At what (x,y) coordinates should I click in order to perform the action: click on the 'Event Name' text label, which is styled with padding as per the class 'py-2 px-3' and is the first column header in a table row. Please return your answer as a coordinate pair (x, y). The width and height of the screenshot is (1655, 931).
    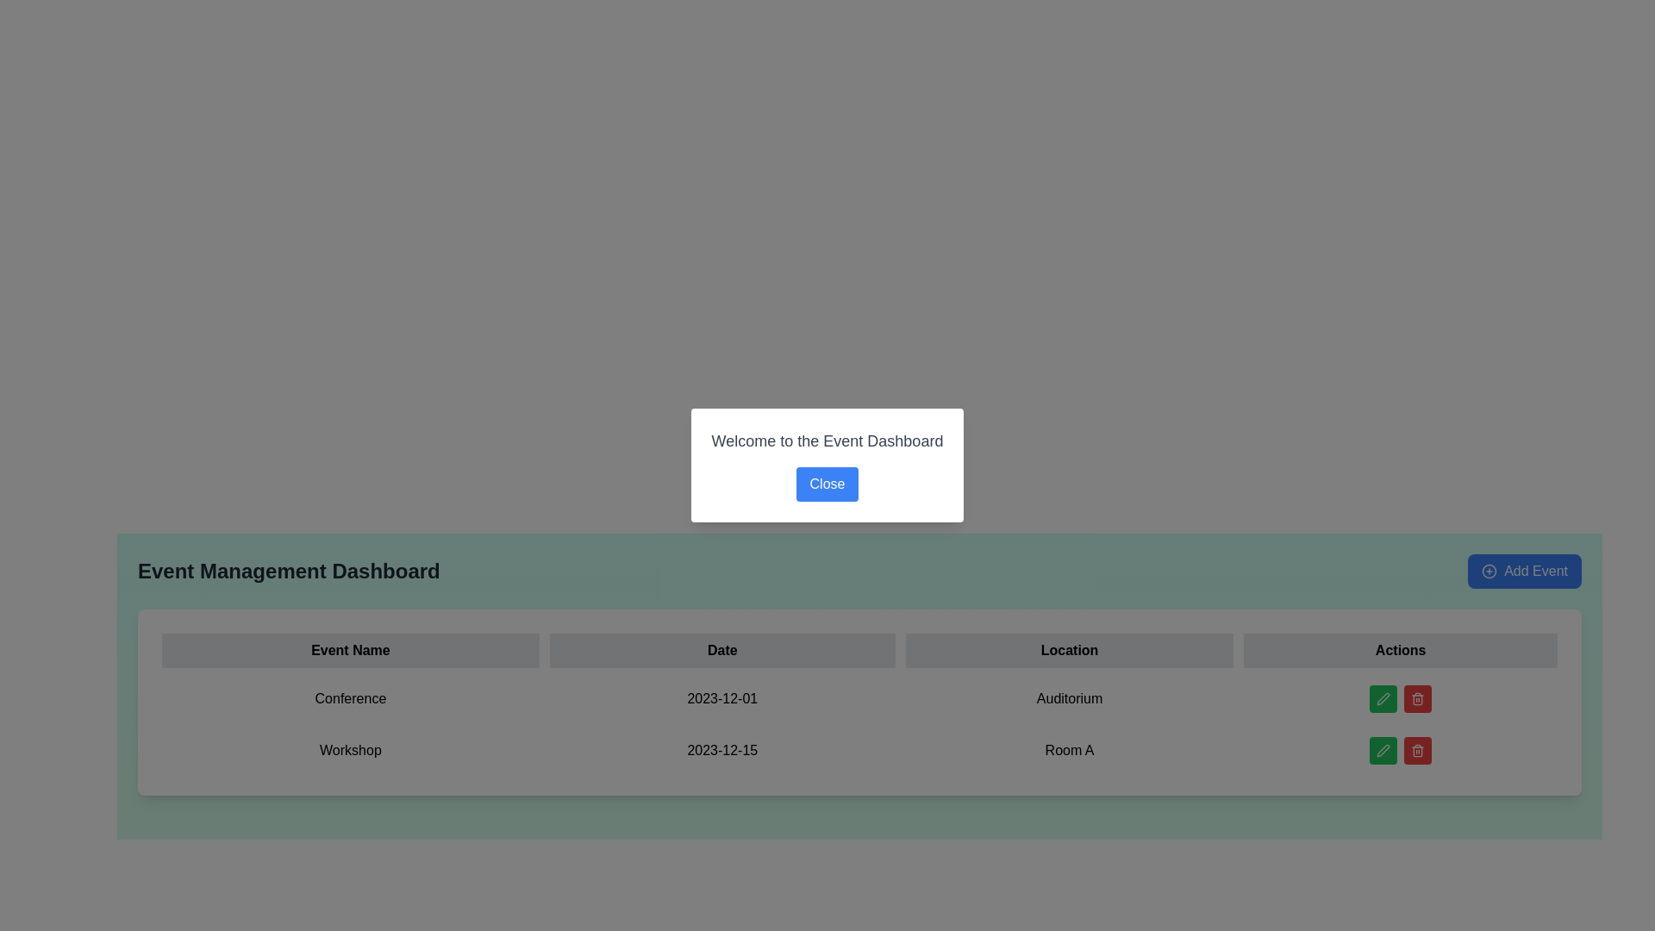
    Looking at the image, I should click on (349, 651).